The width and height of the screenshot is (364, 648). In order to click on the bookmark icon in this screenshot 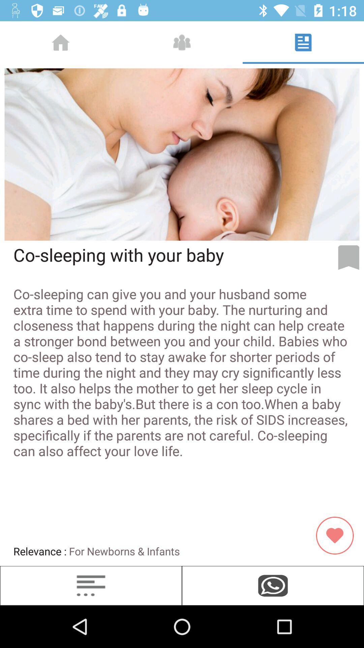, I will do `click(348, 257)`.